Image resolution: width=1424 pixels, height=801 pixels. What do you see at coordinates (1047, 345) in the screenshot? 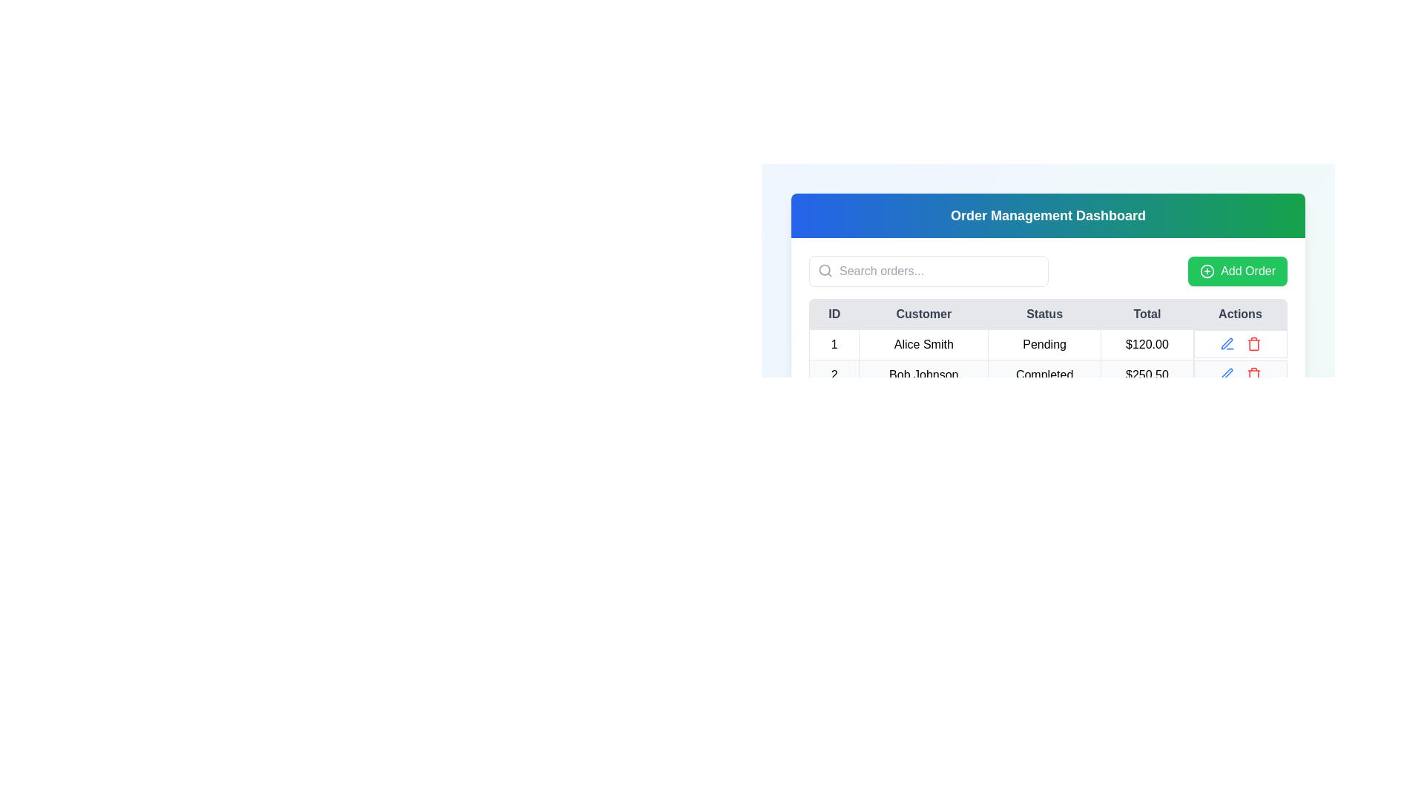
I see `the first row in the table, which includes 'ID' as '1', 'Customer' as 'Alice Smith', 'Status' as 'Pending', and 'Total' as '$120.00'` at bounding box center [1047, 345].